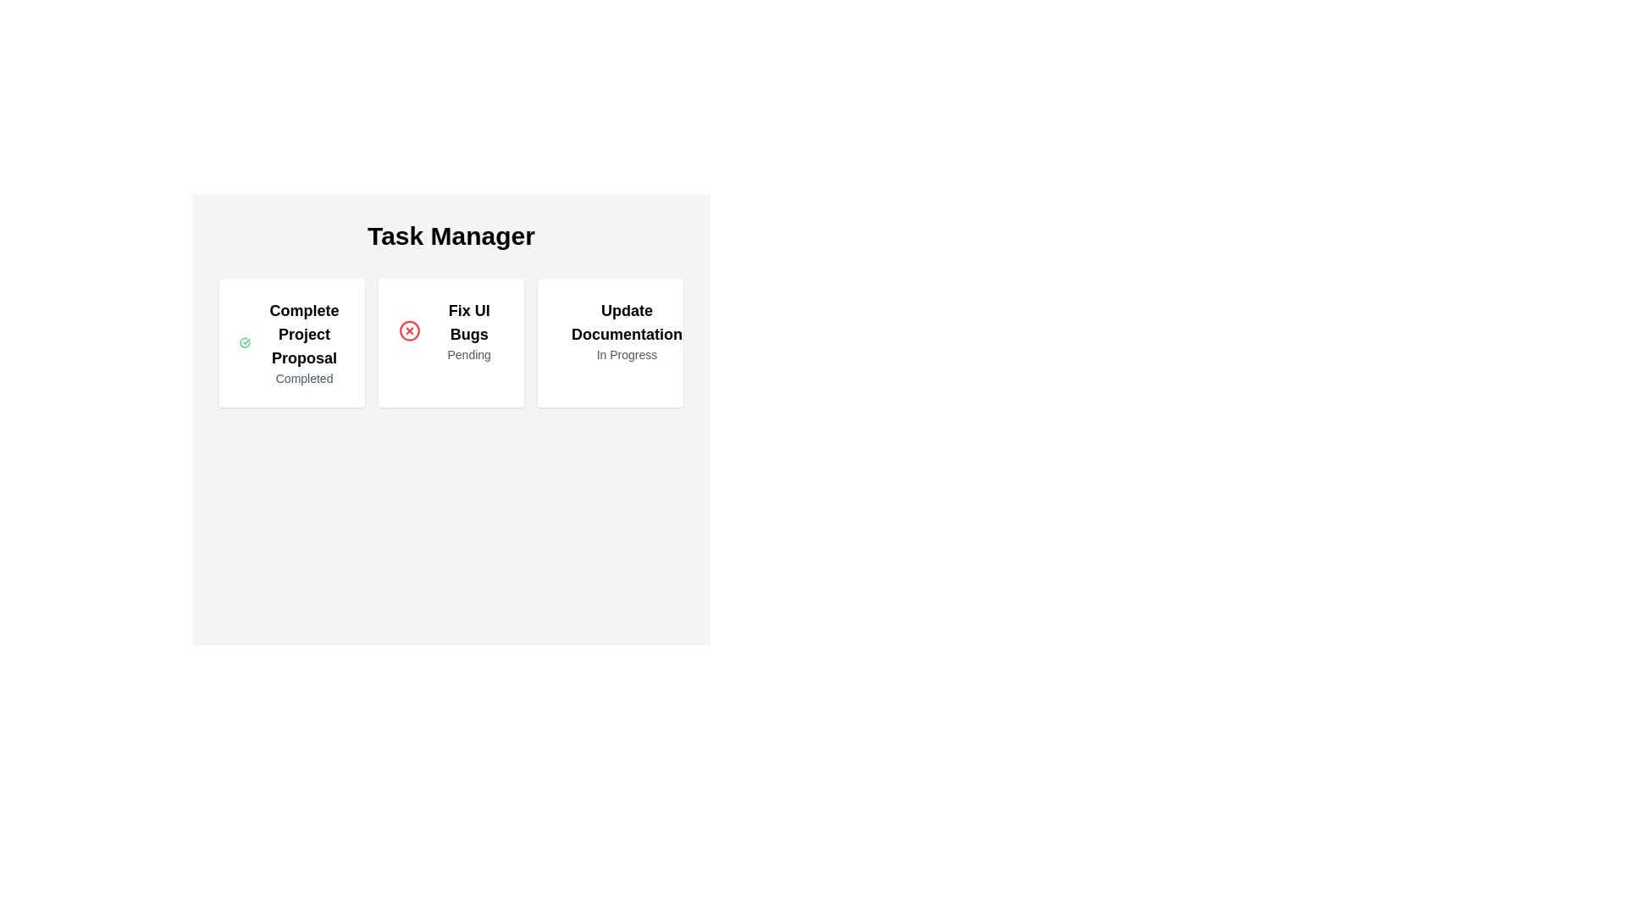  Describe the element at coordinates (304, 378) in the screenshot. I see `the 'Completed' text label, which is styled in a smaller font size and displayed in gray color, located below the 'Complete Project Proposal' text within the same card layout` at that location.